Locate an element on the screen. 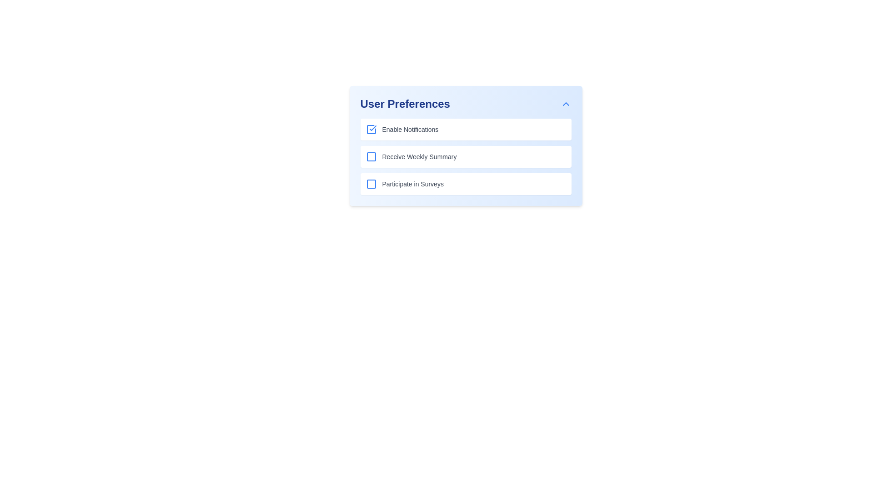  the label describing the preference option associated with the adjacent checkbox in the second row of the user preferences panel is located at coordinates (419, 156).